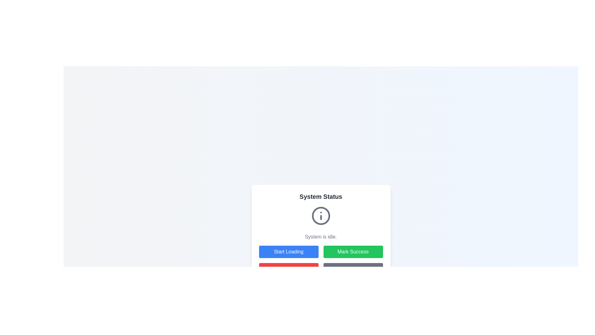  What do you see at coordinates (321, 215) in the screenshot?
I see `the circular perimeter of the info icon located in the 'System Status' card, which features a central 'i' symbol and is positioned above the text 'System is idle.'` at bounding box center [321, 215].